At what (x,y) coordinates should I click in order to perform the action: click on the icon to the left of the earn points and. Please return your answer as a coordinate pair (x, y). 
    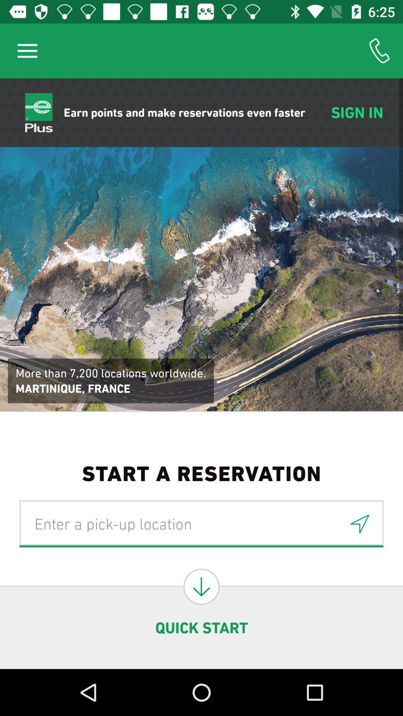
    Looking at the image, I should click on (27, 50).